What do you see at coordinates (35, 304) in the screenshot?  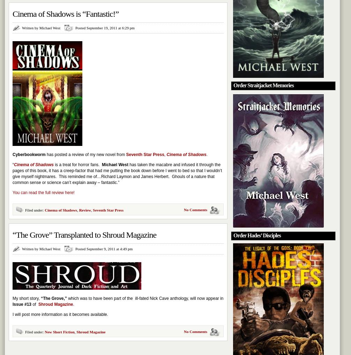 I see `'of'` at bounding box center [35, 304].